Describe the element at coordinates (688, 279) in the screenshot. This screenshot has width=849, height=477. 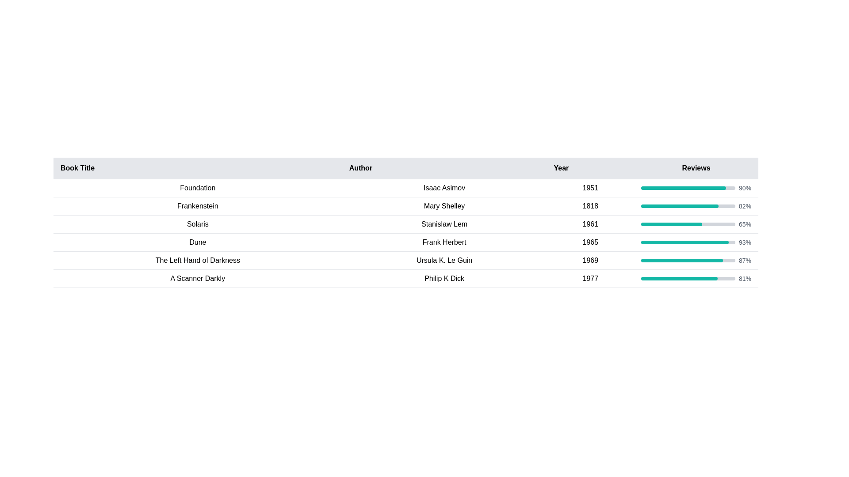
I see `the progress represented by the progress bar indicating 81% completion in the 'Reviews' column for the book 'A Scanner Darkly'` at that location.